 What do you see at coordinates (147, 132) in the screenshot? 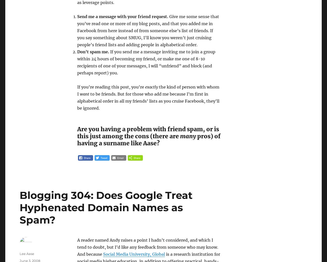
I see `'Are you having a problem with friend spam, or is this just among the cons (there are'` at bounding box center [147, 132].